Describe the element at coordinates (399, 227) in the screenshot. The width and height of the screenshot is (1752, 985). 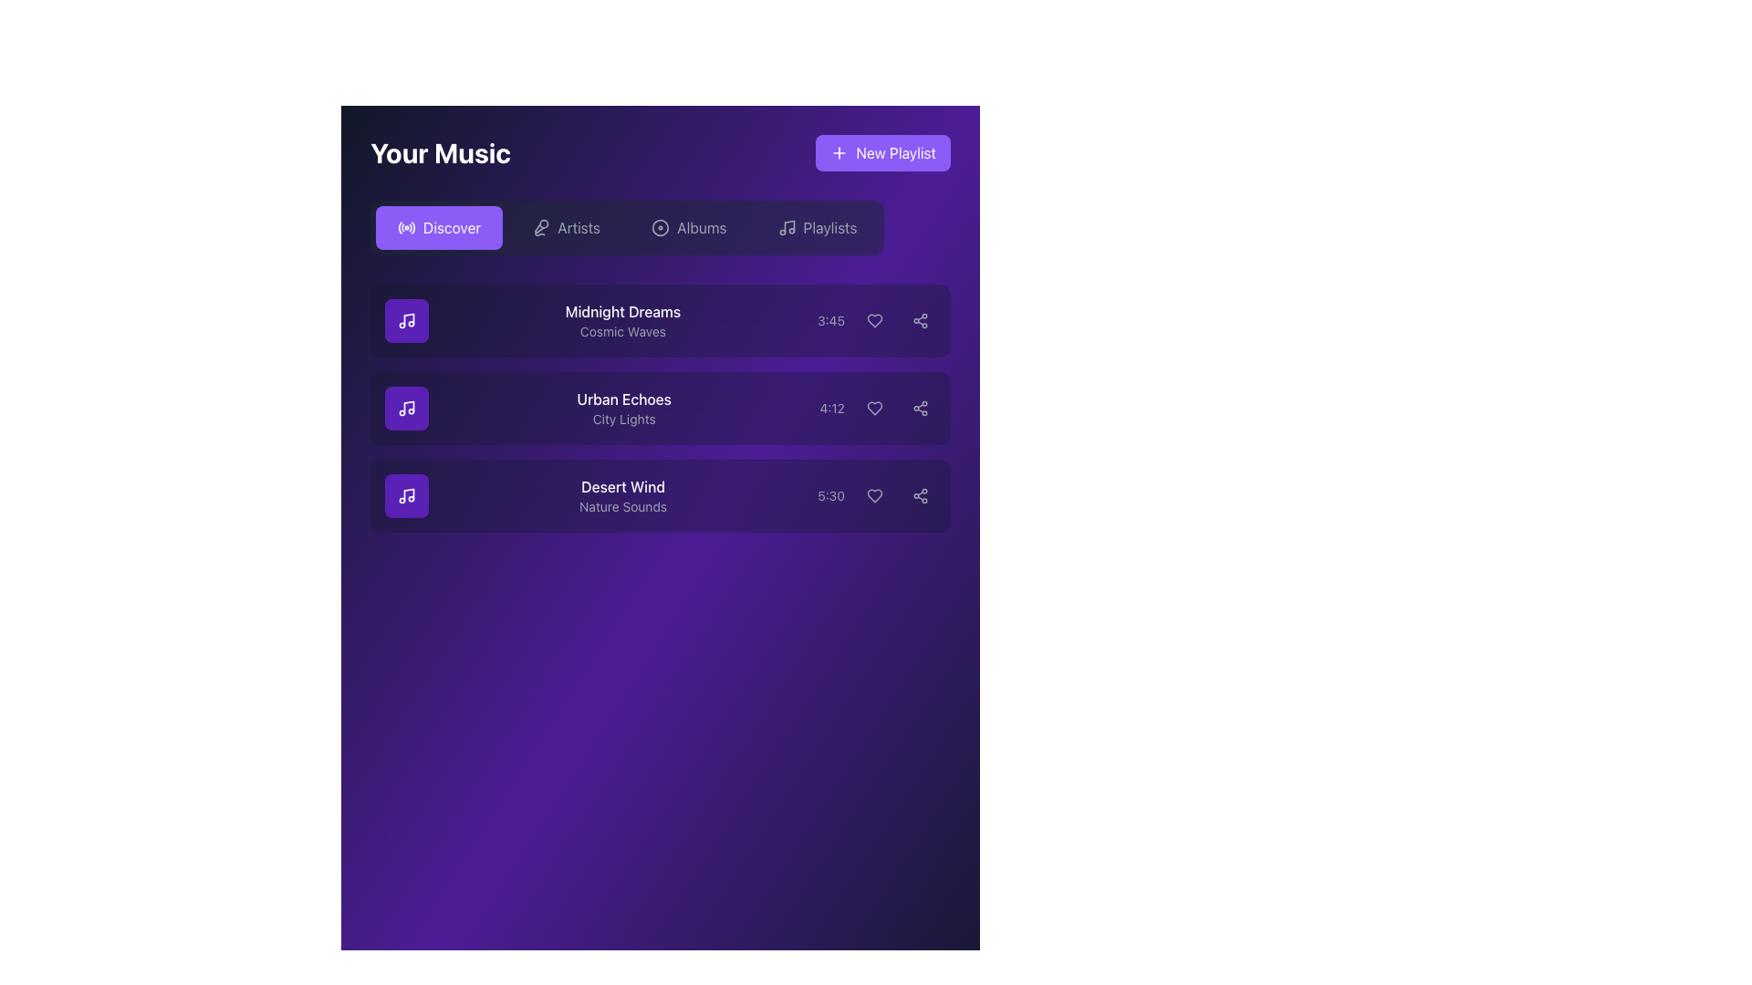
I see `outermost curved line of the stylized radio wave icon, which is represented by a thin outline with no fill color` at that location.